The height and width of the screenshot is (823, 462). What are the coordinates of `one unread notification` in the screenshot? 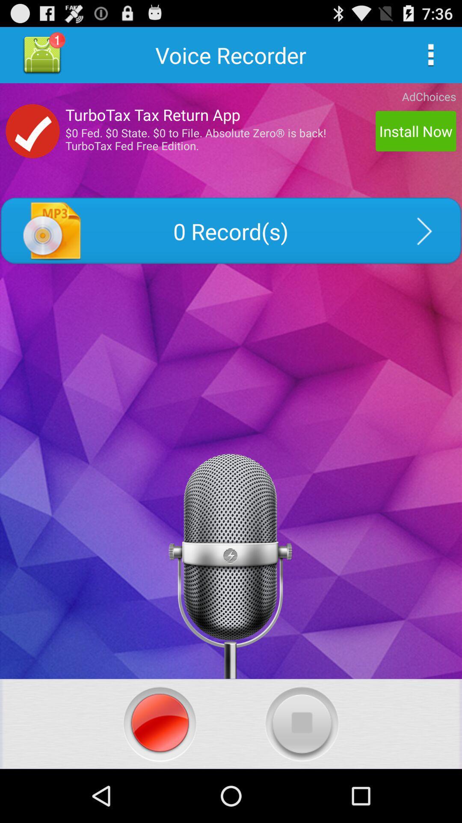 It's located at (42, 54).